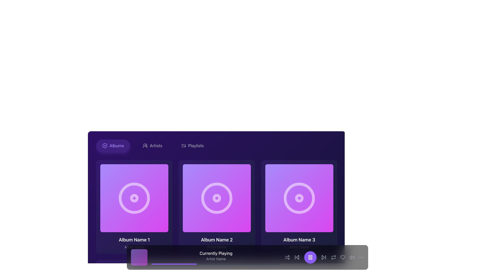 This screenshot has width=495, height=278. Describe the element at coordinates (310, 257) in the screenshot. I see `the centrally aligned pause button in the playback control bar of the media player` at that location.